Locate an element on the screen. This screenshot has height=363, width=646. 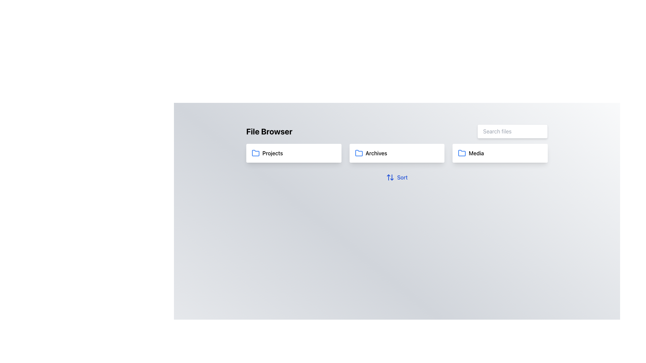
the folder SVG icon located in the first card labeled 'Projects' under the 'File Browser' section is located at coordinates (255, 153).